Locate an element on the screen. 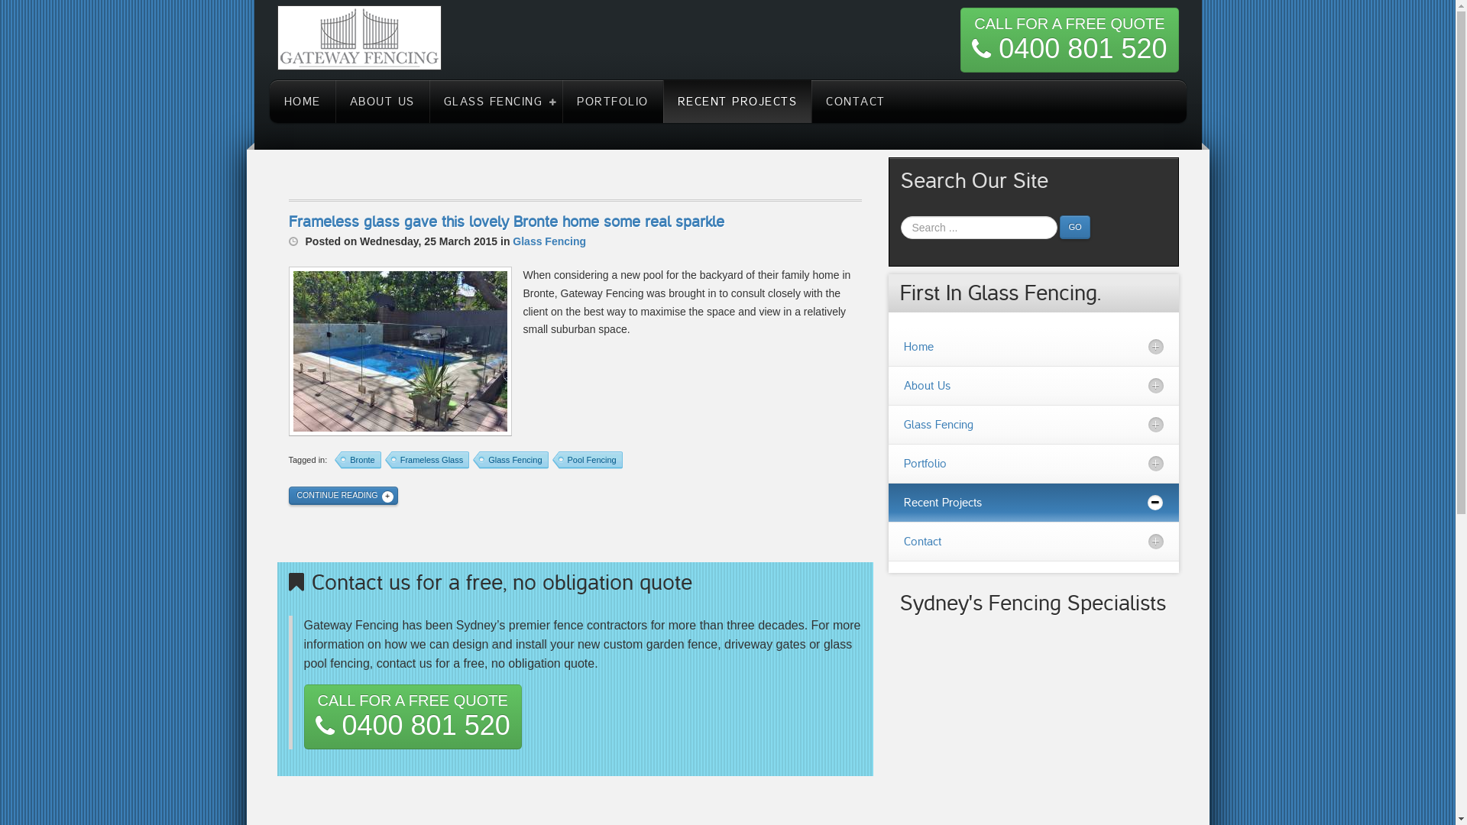 Image resolution: width=1467 pixels, height=825 pixels. 'GLASS FENCING' is located at coordinates (496, 101).